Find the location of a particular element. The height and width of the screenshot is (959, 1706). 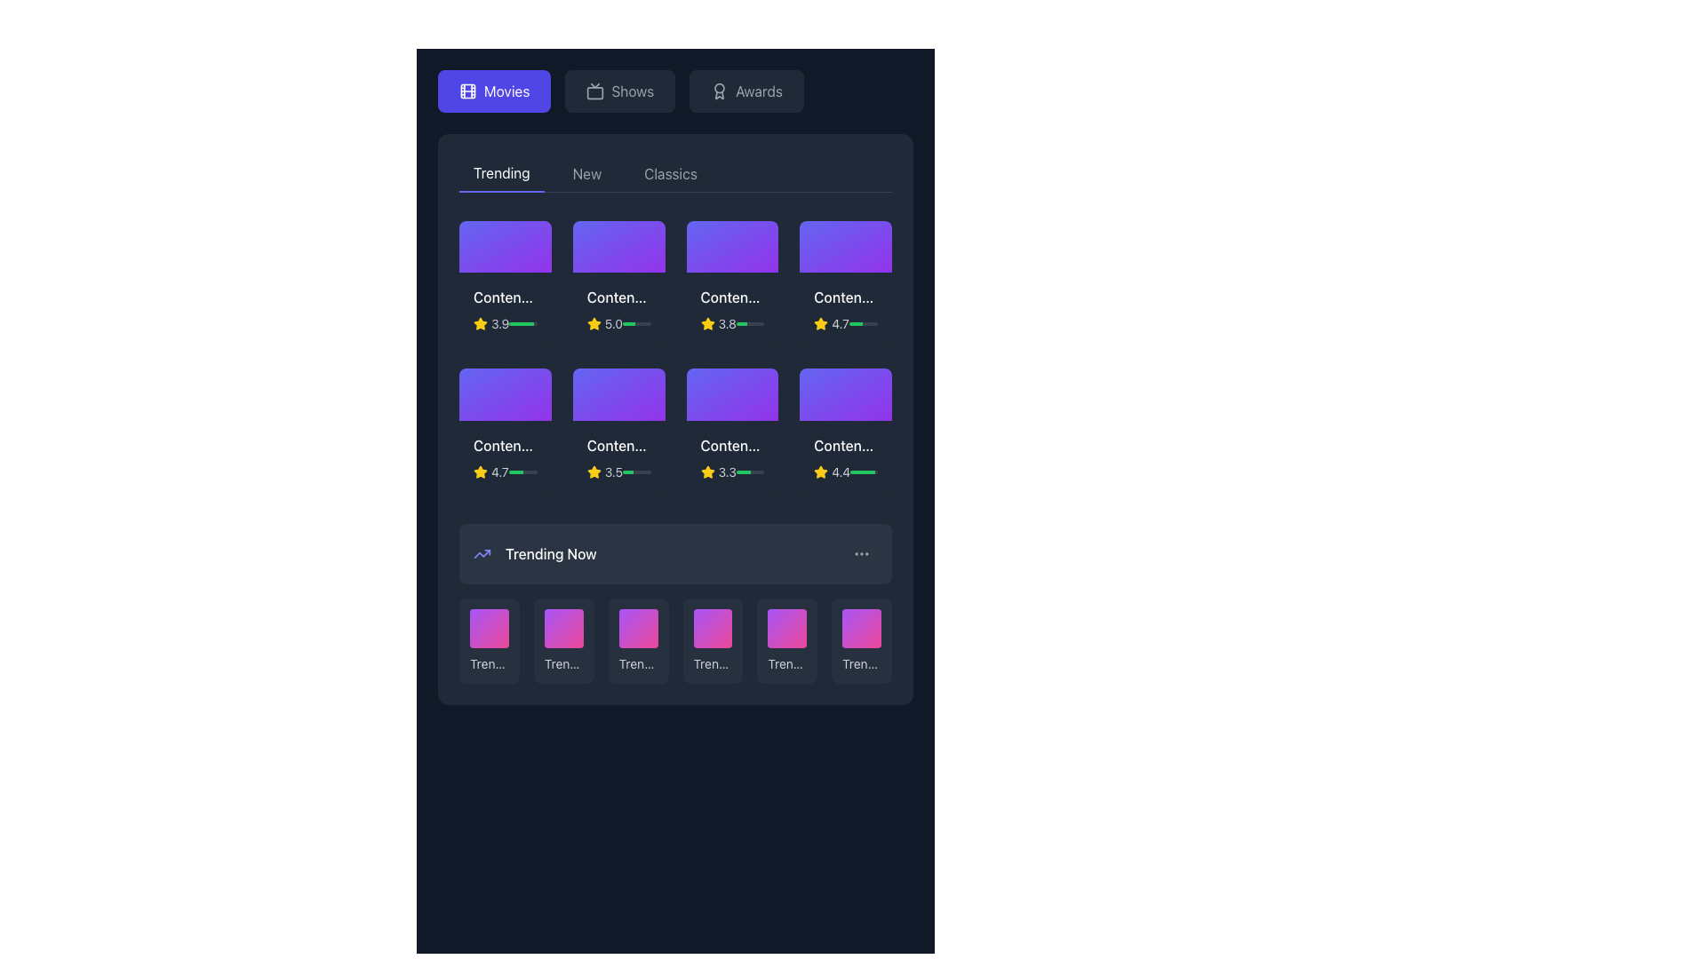

the video thumbnail is located at coordinates (732, 393).